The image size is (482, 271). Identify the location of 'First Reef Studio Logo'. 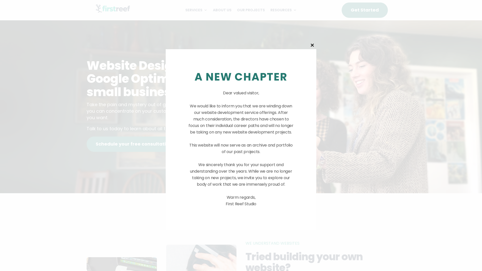
(94, 9).